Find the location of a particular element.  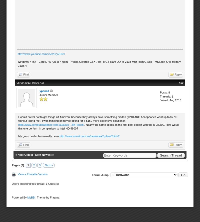

'http://www.umart.com.au/newindex2.phtml?bid=2' is located at coordinates (59, 135).